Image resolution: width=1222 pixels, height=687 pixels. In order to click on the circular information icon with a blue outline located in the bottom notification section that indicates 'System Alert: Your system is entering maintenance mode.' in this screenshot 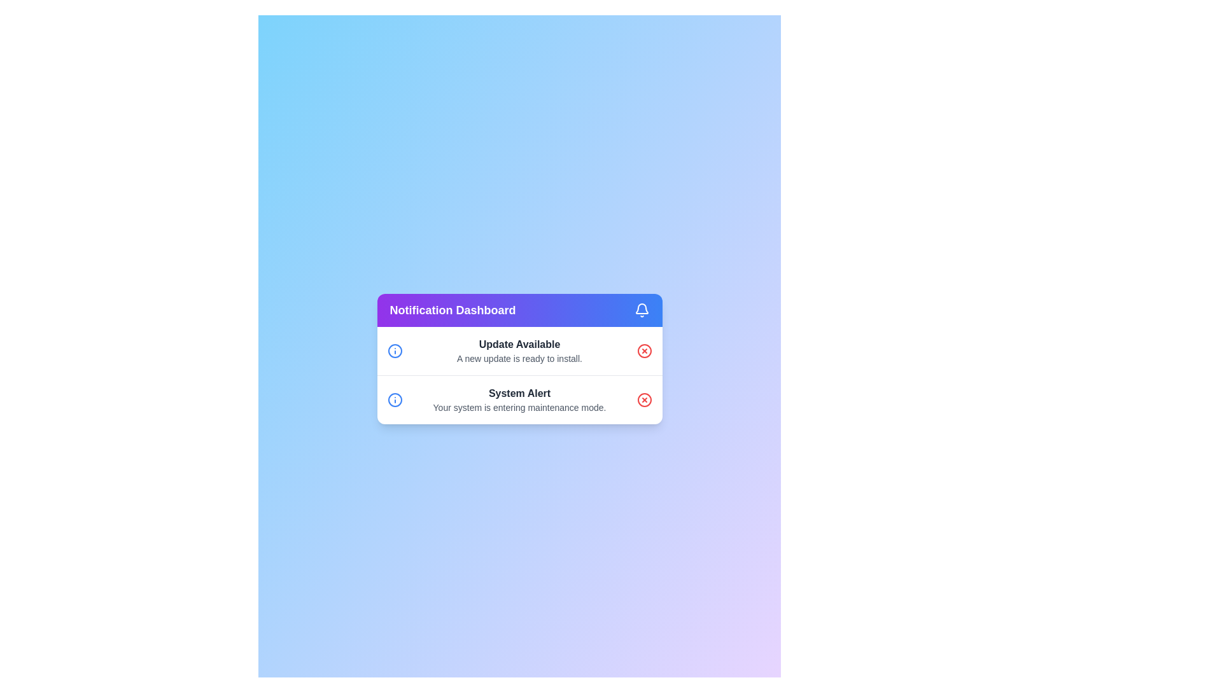, I will do `click(394, 399)`.